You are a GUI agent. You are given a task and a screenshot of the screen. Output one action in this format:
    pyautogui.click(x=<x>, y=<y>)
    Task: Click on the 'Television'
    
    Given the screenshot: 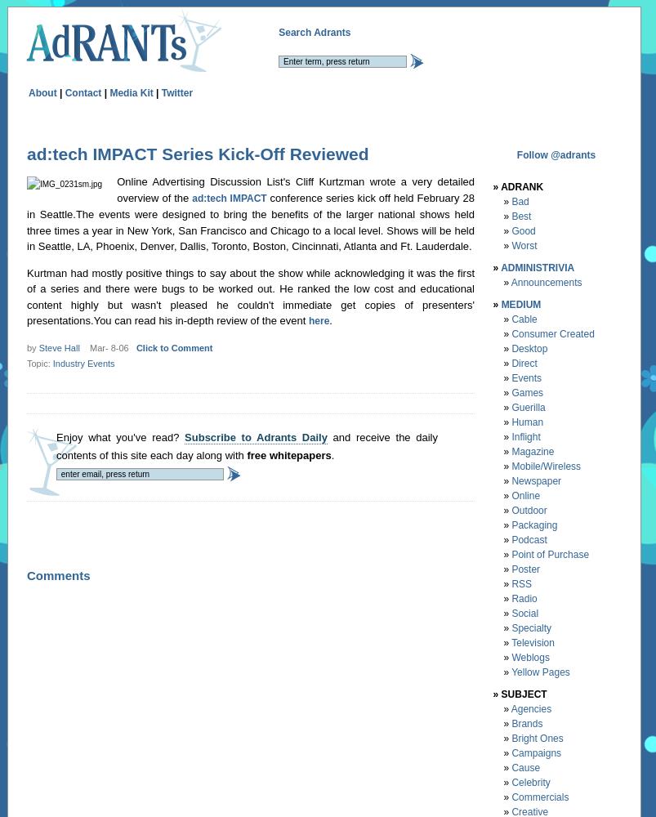 What is the action you would take?
    pyautogui.click(x=533, y=642)
    